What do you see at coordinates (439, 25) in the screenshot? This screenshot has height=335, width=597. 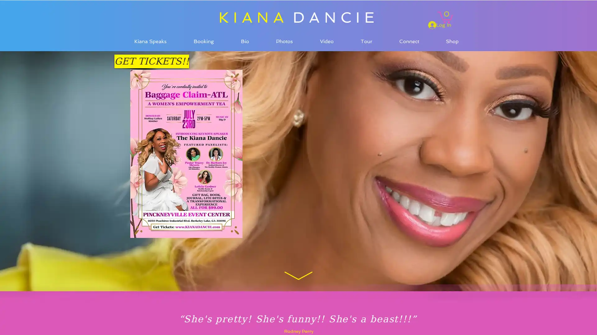 I see `Log In` at bounding box center [439, 25].